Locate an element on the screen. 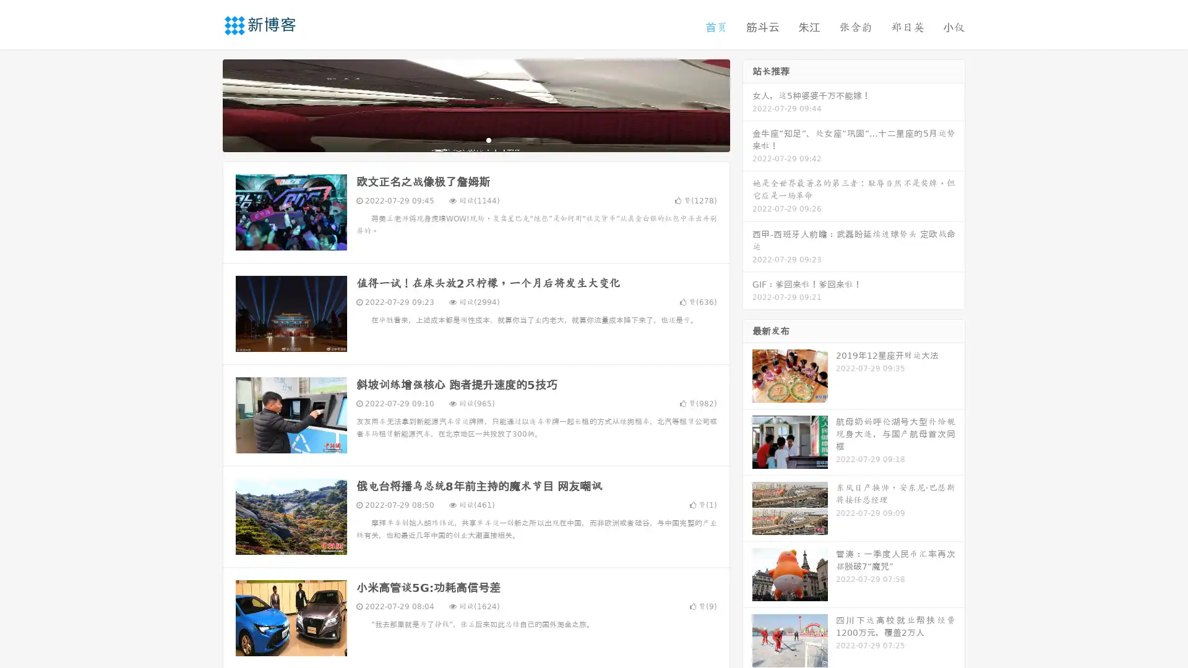  Previous slide is located at coordinates (204, 104).